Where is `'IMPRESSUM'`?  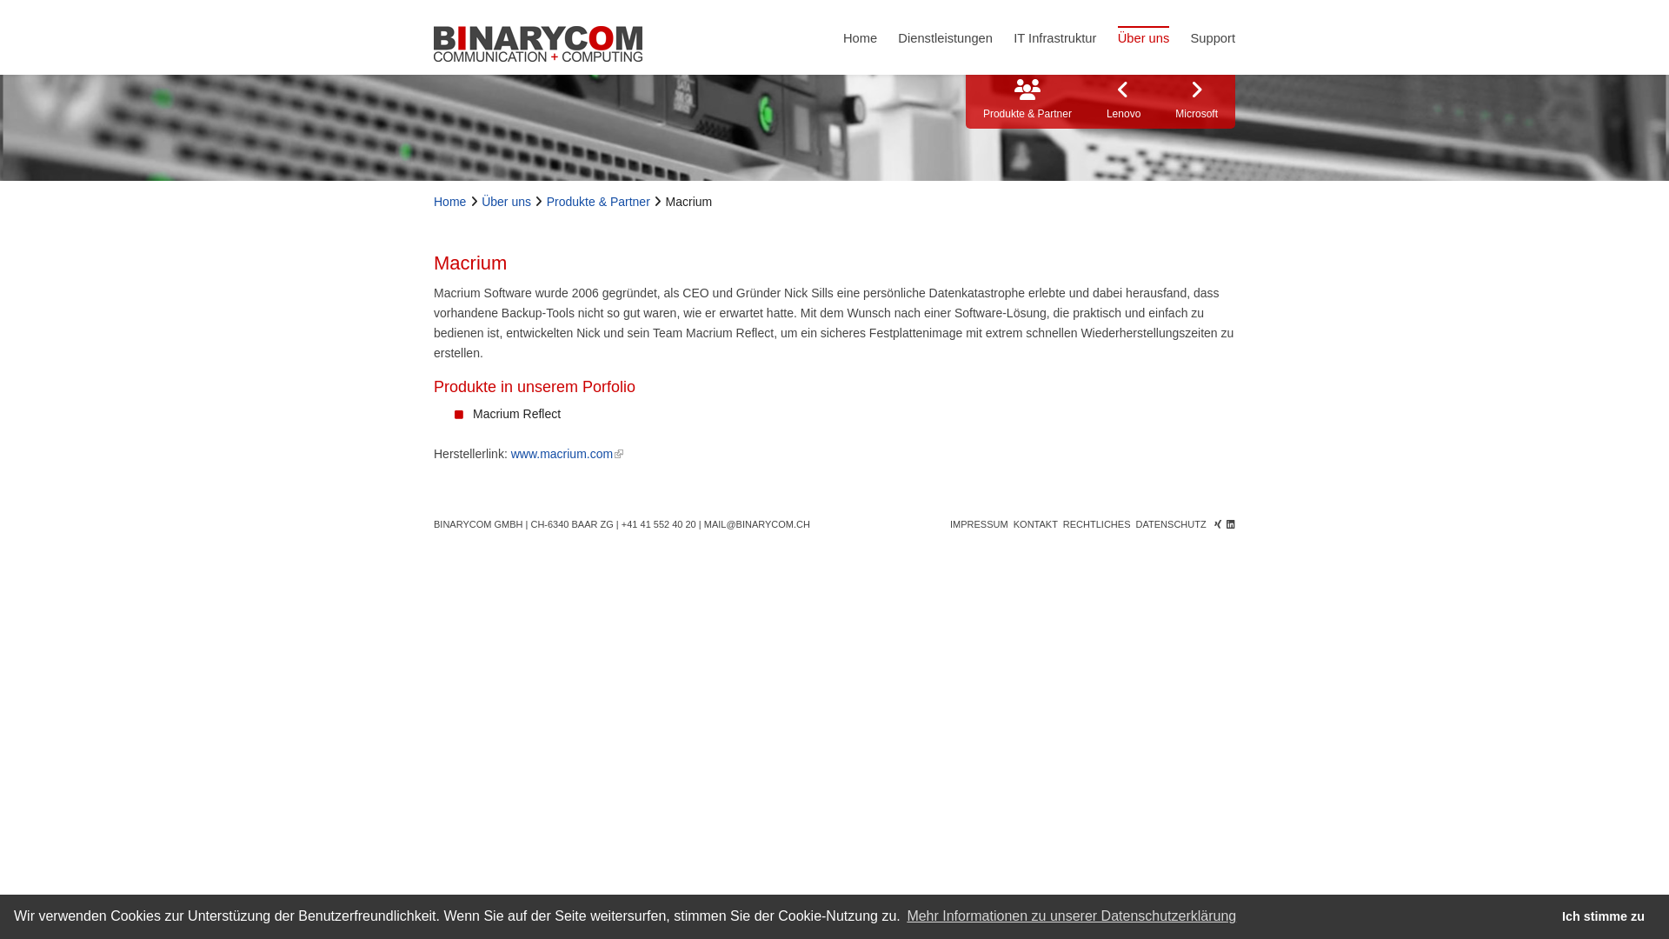
'IMPRESSUM' is located at coordinates (979, 523).